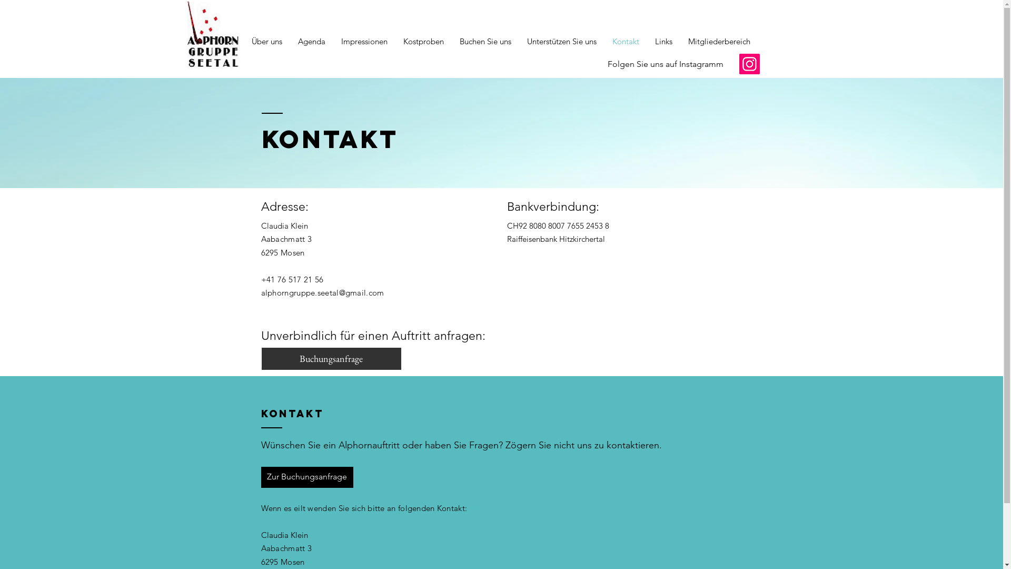 The width and height of the screenshot is (1011, 569). Describe the element at coordinates (290, 41) in the screenshot. I see `'Agenda'` at that location.